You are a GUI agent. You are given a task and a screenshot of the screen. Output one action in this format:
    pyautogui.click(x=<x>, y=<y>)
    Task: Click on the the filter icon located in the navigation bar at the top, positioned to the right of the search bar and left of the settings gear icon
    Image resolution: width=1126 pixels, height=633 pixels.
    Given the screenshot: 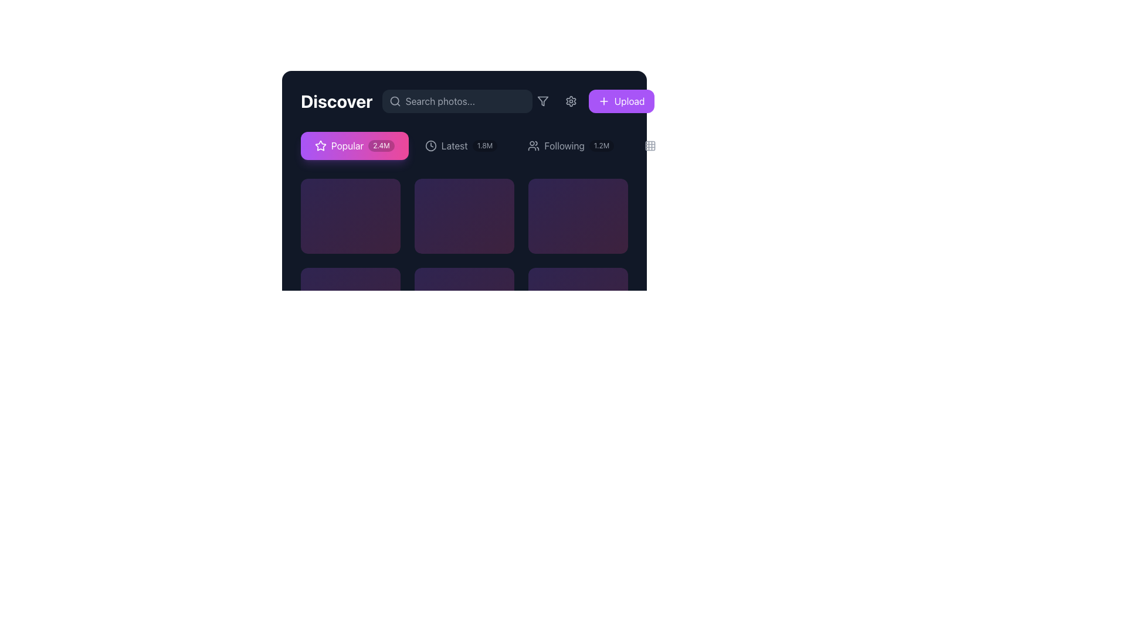 What is the action you would take?
    pyautogui.click(x=542, y=101)
    